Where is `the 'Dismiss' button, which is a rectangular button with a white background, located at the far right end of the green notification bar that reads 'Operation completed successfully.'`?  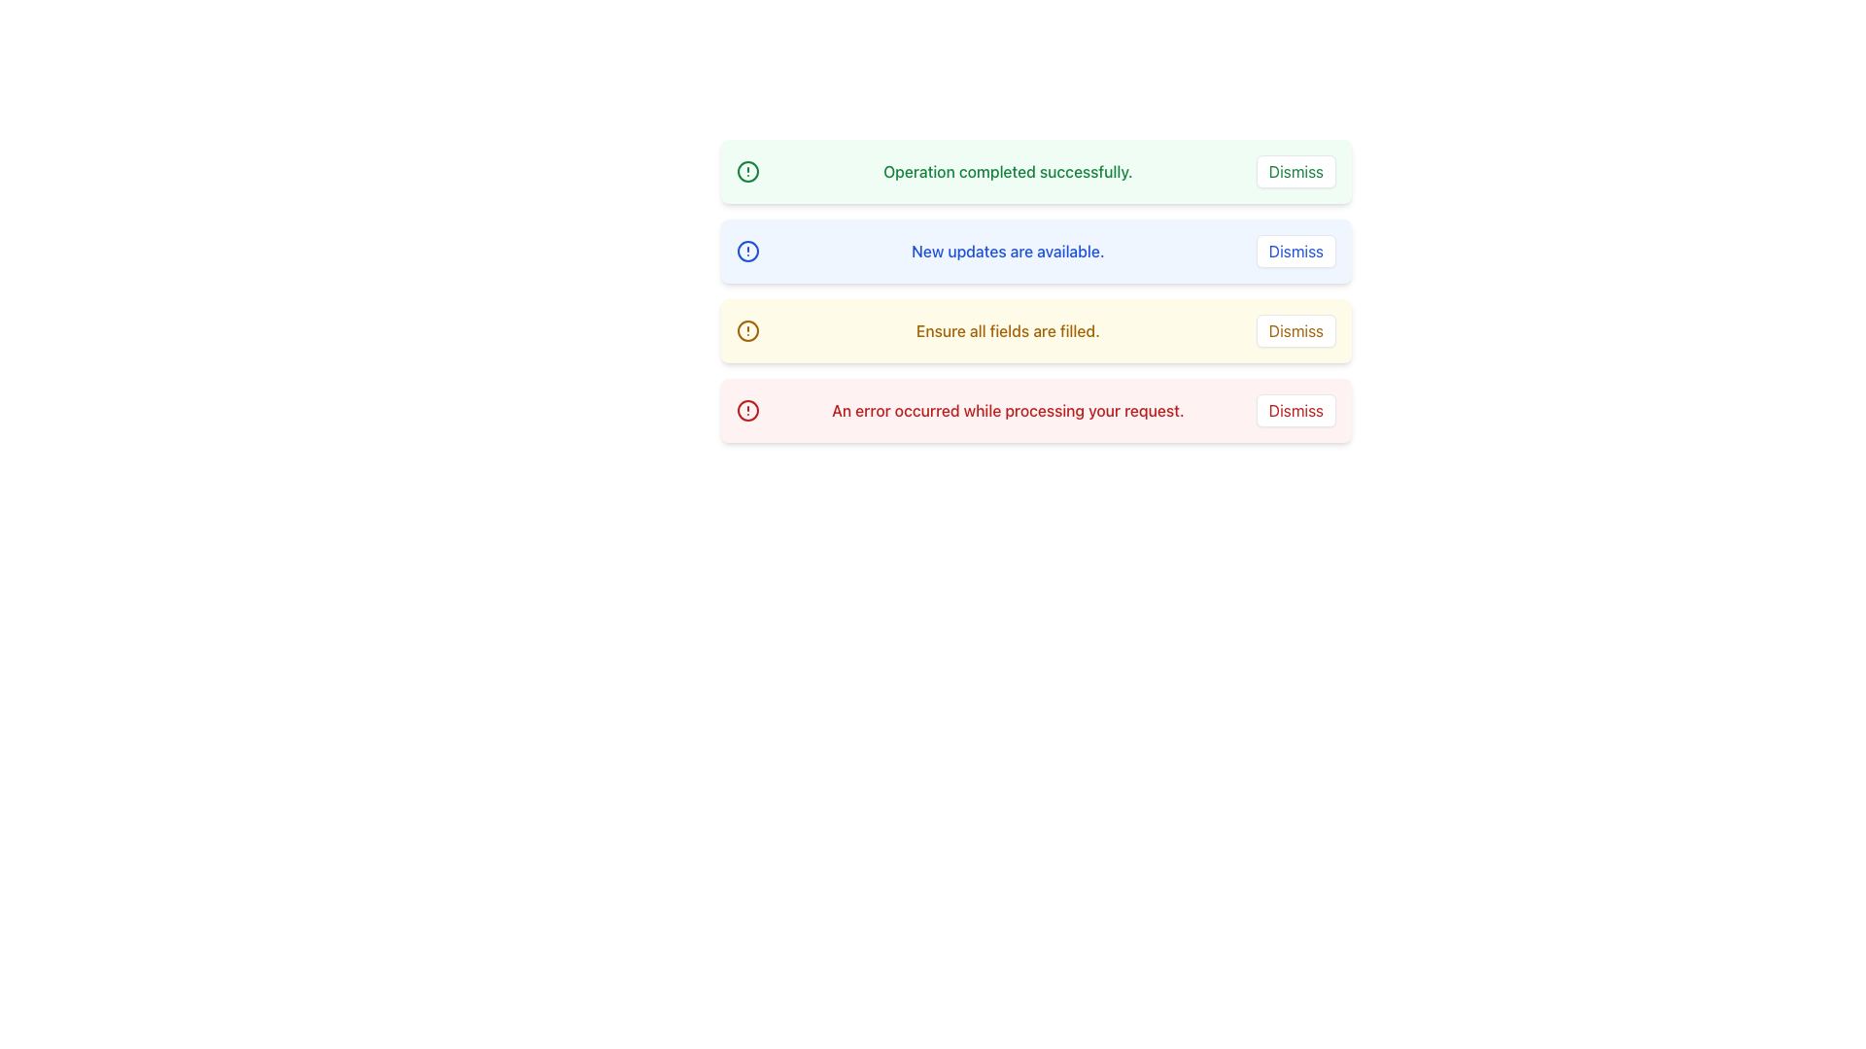 the 'Dismiss' button, which is a rectangular button with a white background, located at the far right end of the green notification bar that reads 'Operation completed successfully.' is located at coordinates (1296, 171).